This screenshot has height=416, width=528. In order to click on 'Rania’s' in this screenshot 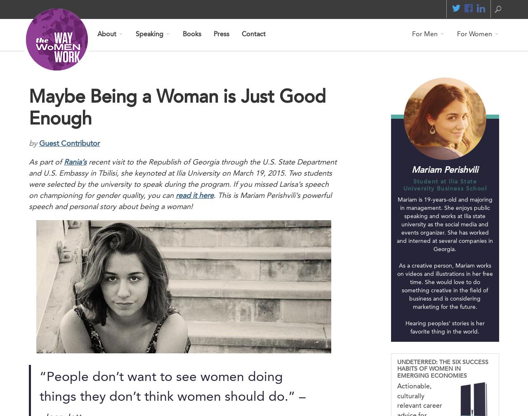, I will do `click(75, 162)`.